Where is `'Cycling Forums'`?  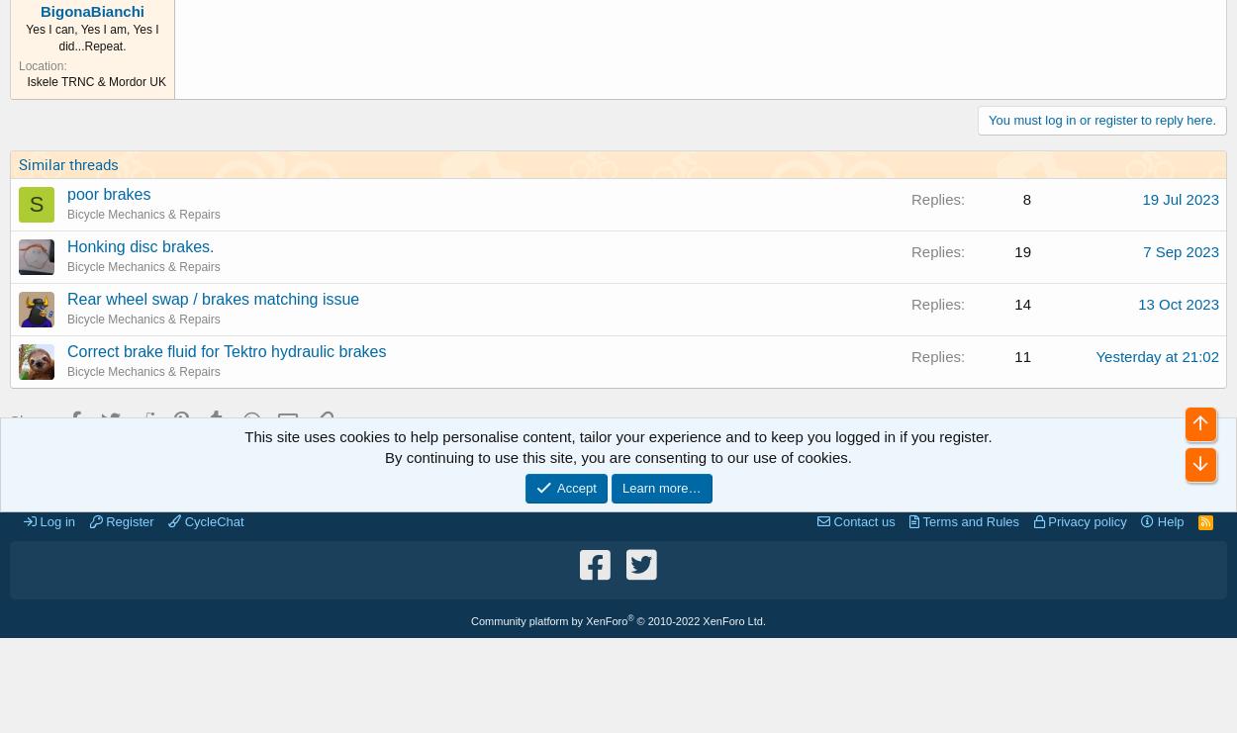
'Cycling Forums' is located at coordinates (10, 461).